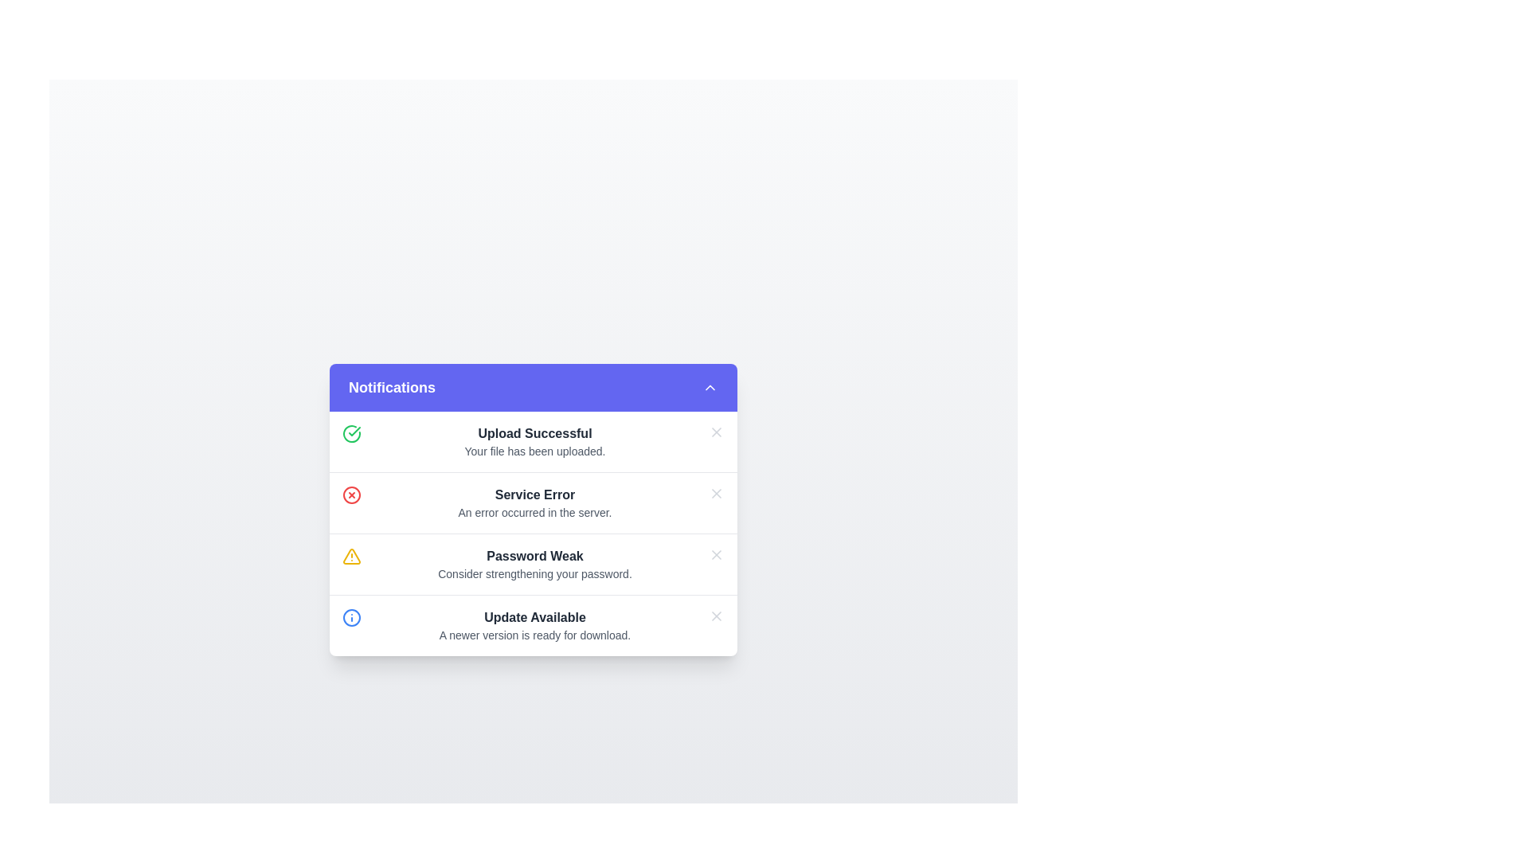 Image resolution: width=1529 pixels, height=860 pixels. Describe the element at coordinates (534, 563) in the screenshot. I see `the warning of the Notification card regarding weak password by reviewing the text displayed in the notification` at that location.